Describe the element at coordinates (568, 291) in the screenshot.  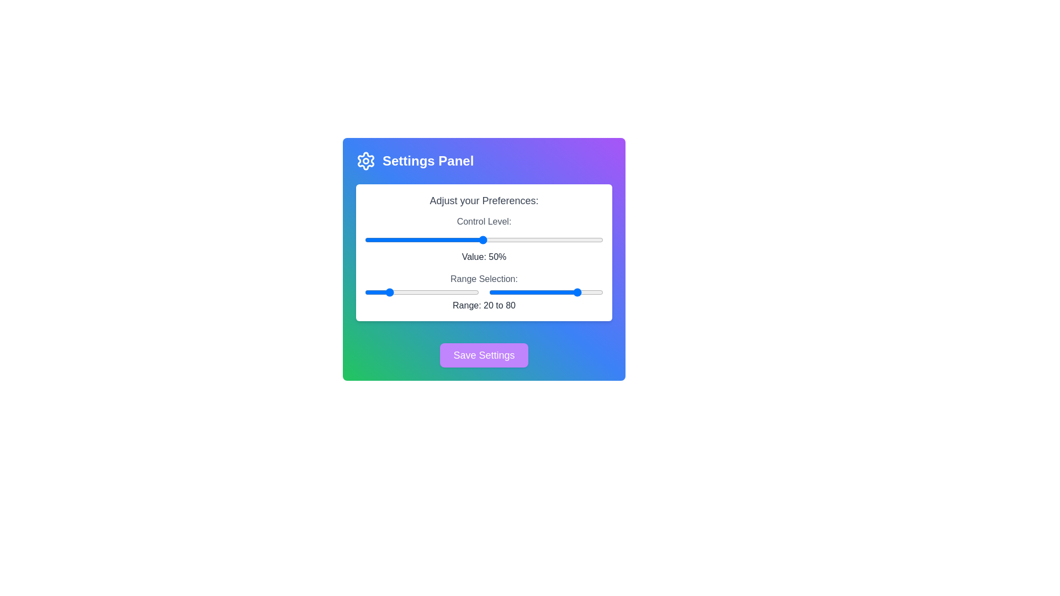
I see `the slider` at that location.